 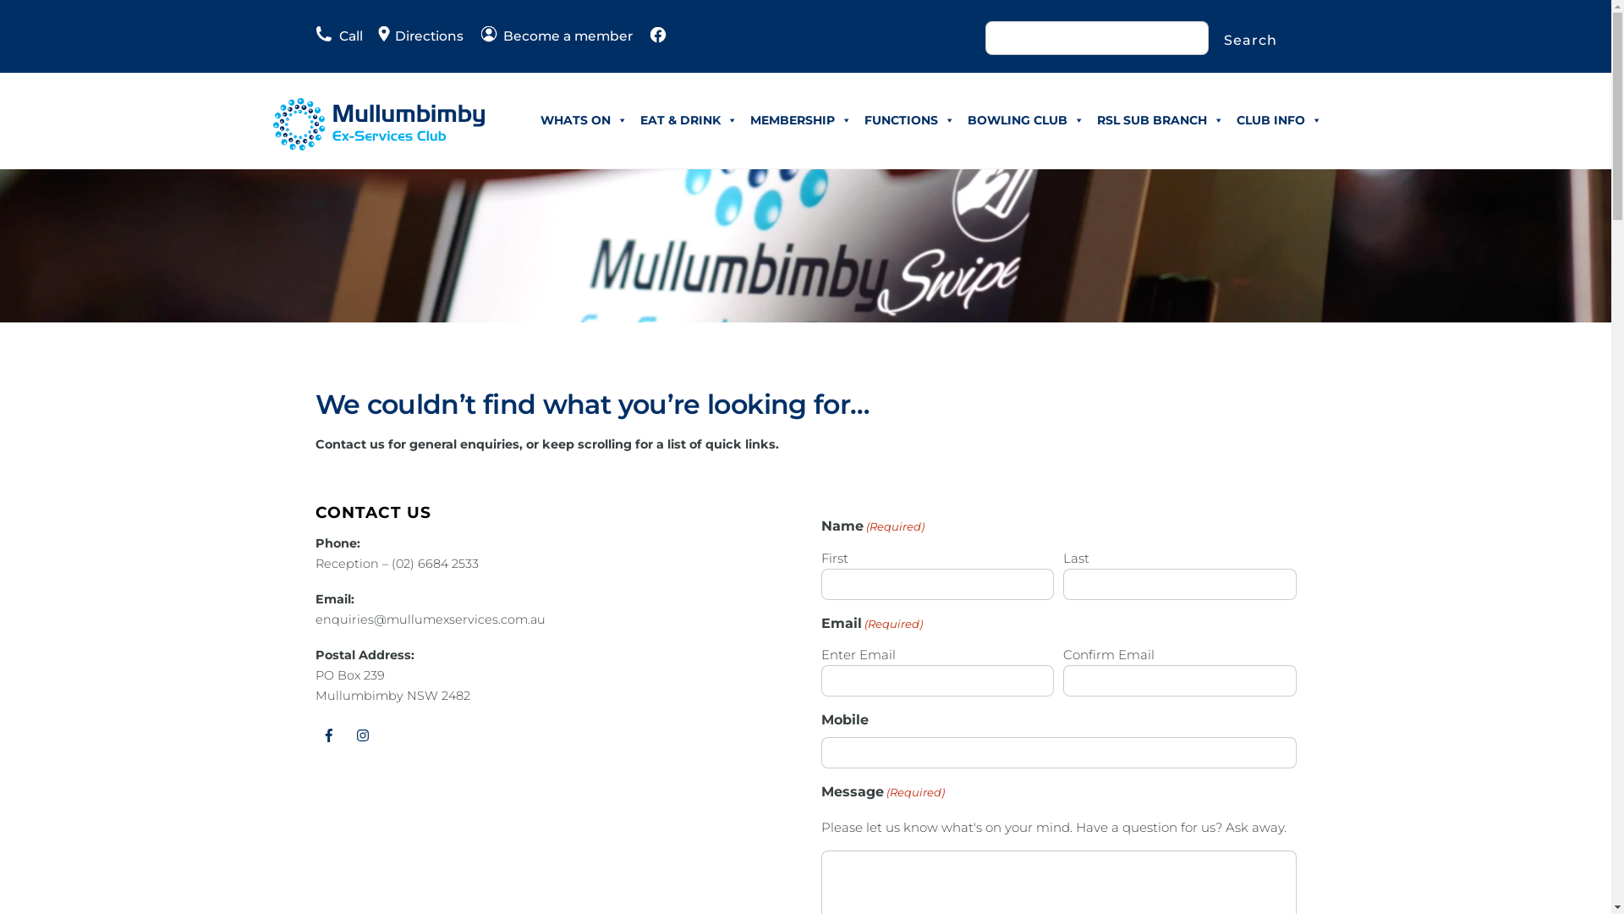 What do you see at coordinates (799, 119) in the screenshot?
I see `'MEMBERSHIP'` at bounding box center [799, 119].